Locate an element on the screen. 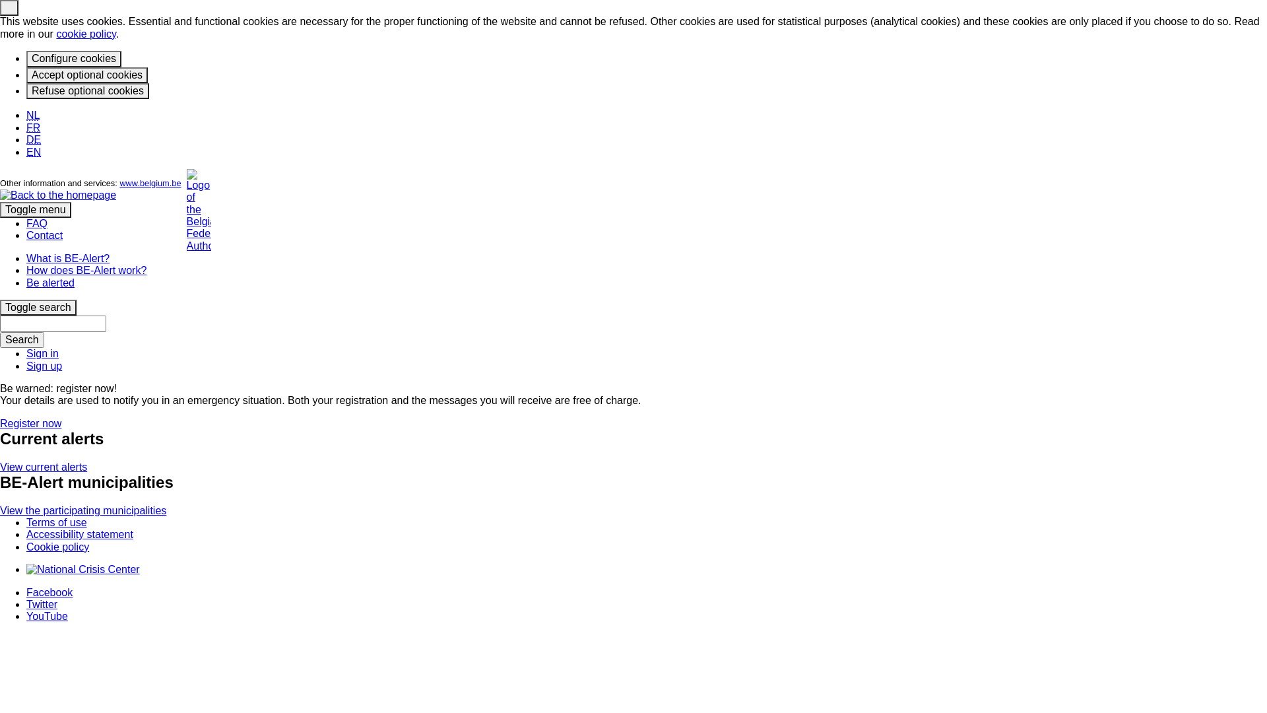 This screenshot has width=1267, height=713. 'Close' is located at coordinates (9, 7).